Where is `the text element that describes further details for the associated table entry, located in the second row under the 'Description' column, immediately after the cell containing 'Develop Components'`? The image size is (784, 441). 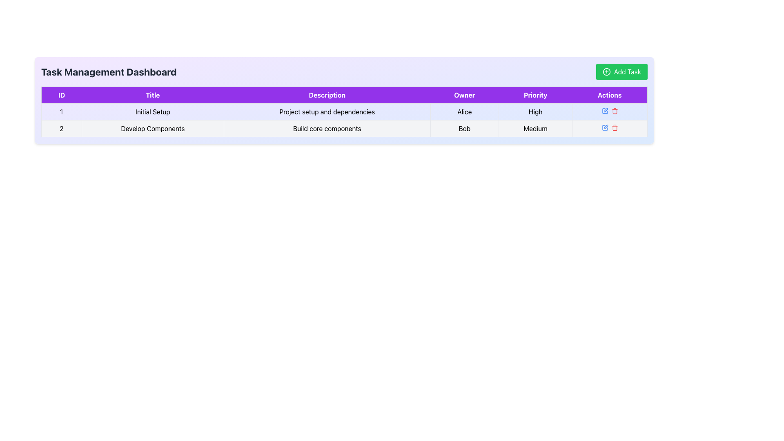 the text element that describes further details for the associated table entry, located in the second row under the 'Description' column, immediately after the cell containing 'Develop Components' is located at coordinates (327, 129).